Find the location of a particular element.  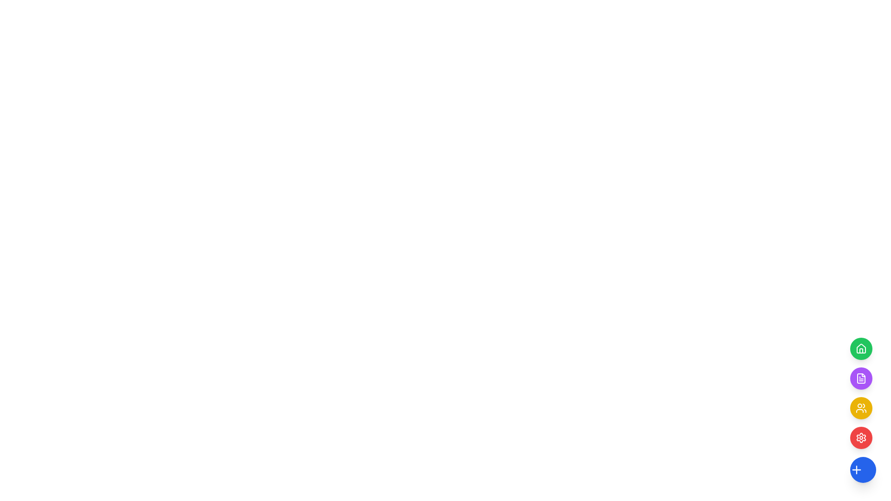

the home navigation icon located in the uppermost circular button of a vertical stack of five similar buttons near the right edge of the interface is located at coordinates (861, 348).